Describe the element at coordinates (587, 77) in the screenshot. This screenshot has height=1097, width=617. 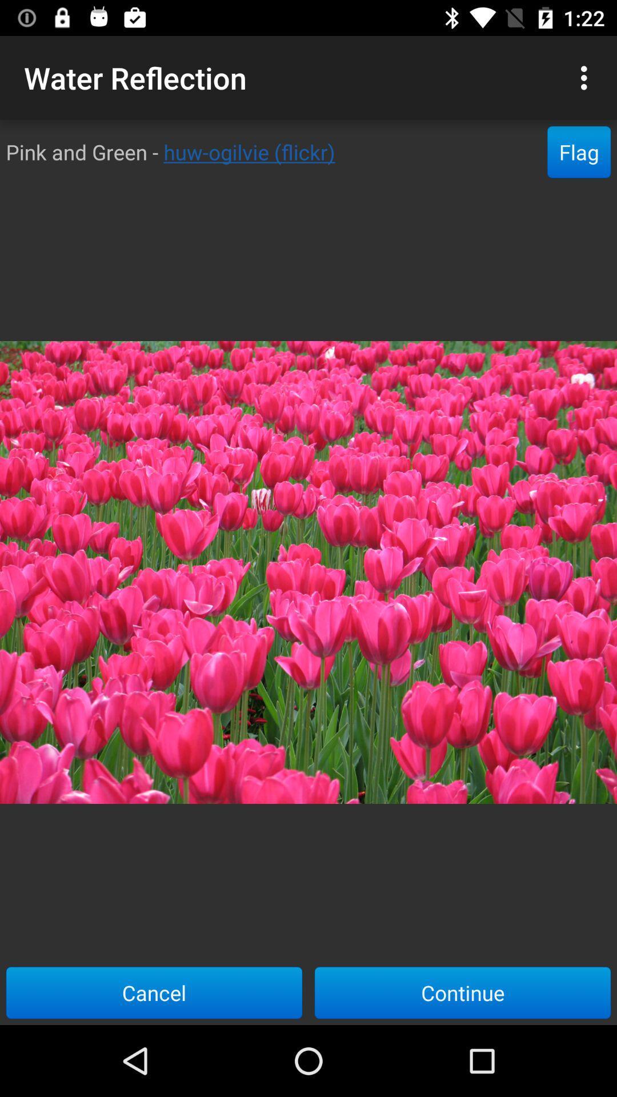
I see `icon next to water reflection app` at that location.